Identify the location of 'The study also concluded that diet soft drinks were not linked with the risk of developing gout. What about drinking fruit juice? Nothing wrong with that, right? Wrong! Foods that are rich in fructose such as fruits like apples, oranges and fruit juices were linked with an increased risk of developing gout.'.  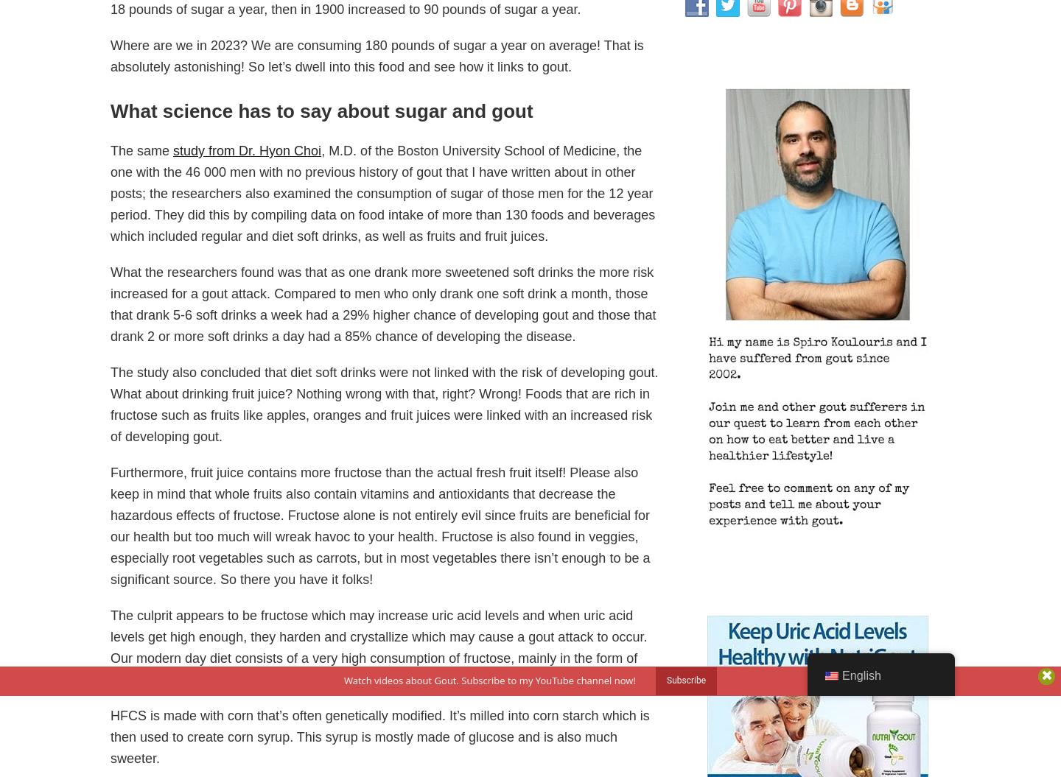
(383, 404).